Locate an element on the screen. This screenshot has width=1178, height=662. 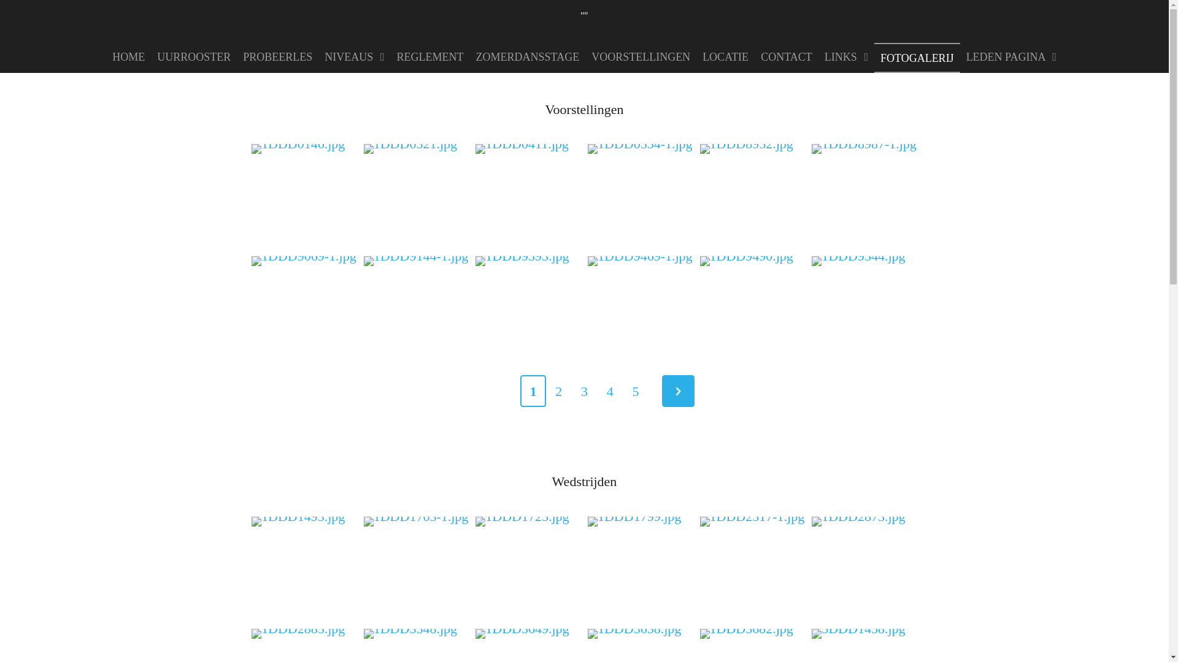
'REGLEMENT' is located at coordinates (430, 56).